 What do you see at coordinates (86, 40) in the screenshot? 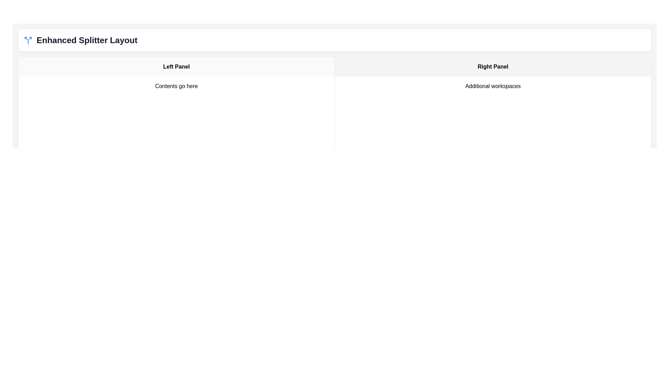
I see `the text label that serves as a title for the section labeled 'Enhanced Splitter Layout', which is positioned immediately to the right of a blue icon resembling a split arrow` at bounding box center [86, 40].